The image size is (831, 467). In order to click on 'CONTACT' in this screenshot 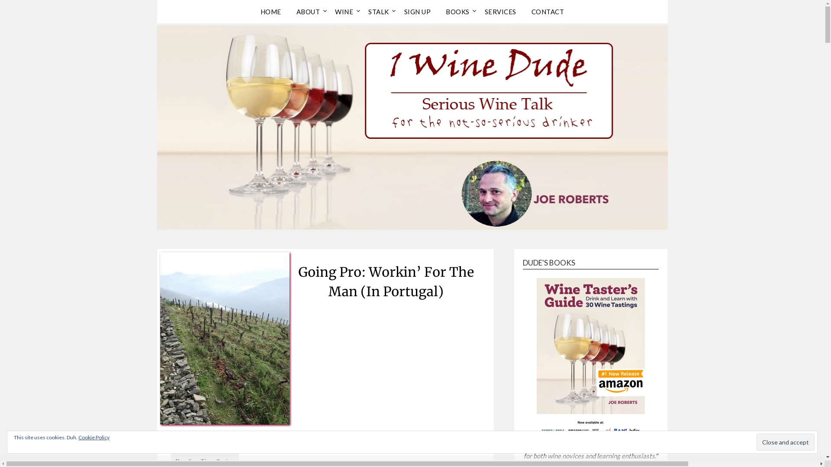, I will do `click(548, 12)`.